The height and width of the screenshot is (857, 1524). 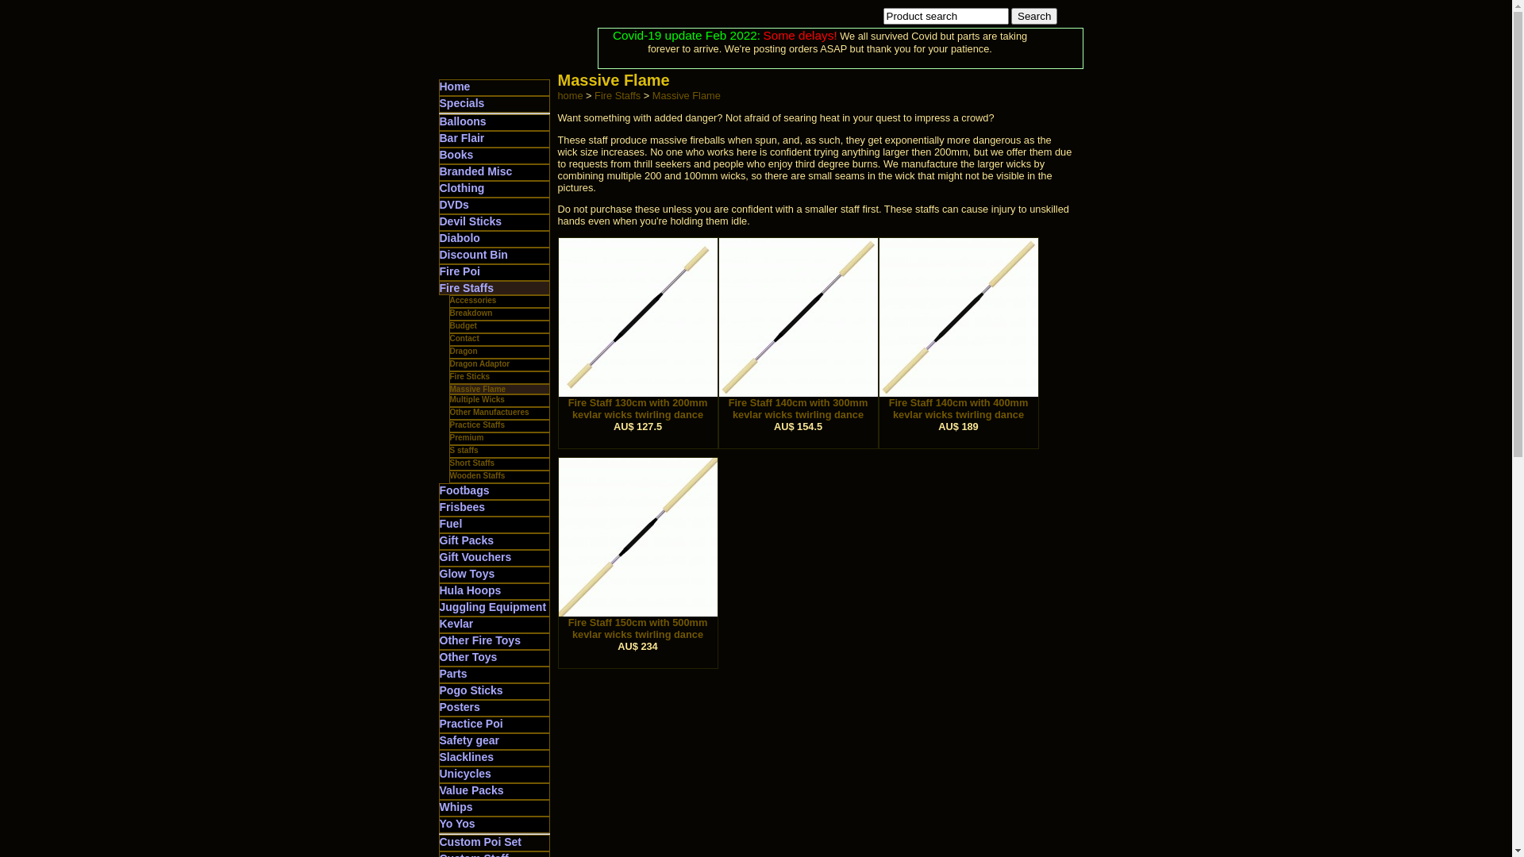 I want to click on 'Devil Sticks', so click(x=470, y=221).